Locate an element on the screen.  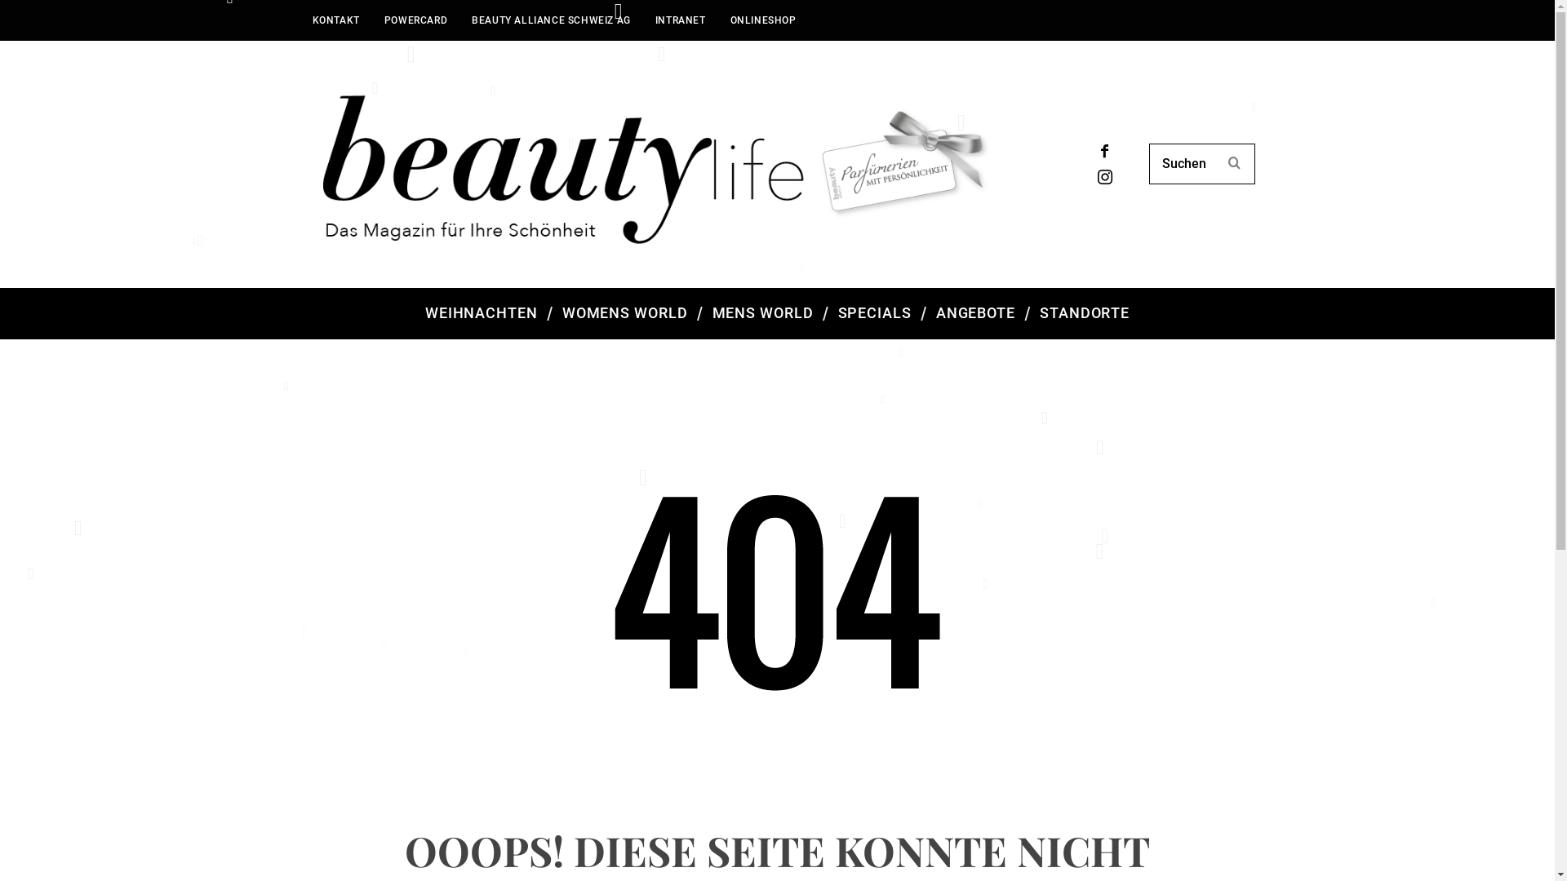
'POWERCARD' is located at coordinates (415, 20).